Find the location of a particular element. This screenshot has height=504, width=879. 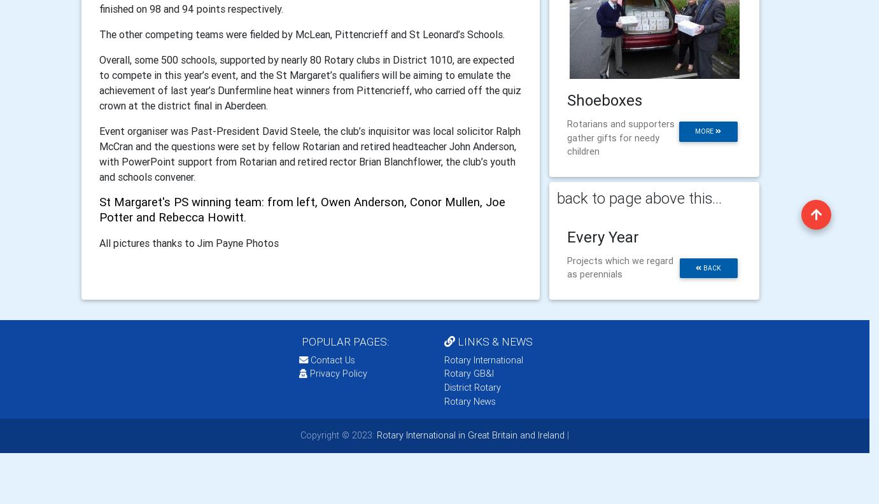

'Every Year' is located at coordinates (602, 236).